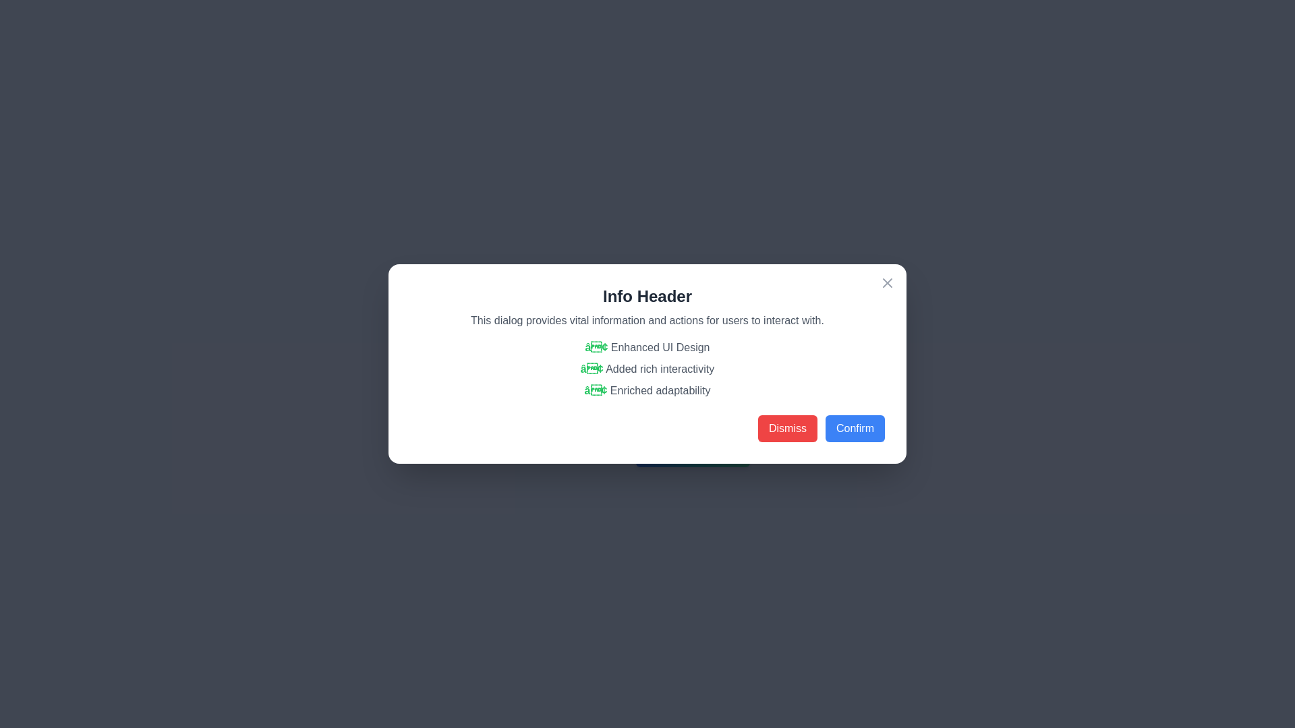 Image resolution: width=1295 pixels, height=728 pixels. I want to click on the list bullet that visually distinguishes the second item in the modal dialog under the header 'Info Header', located between 'Enhanced UI Design' and 'Enriched adaptability', so click(592, 369).